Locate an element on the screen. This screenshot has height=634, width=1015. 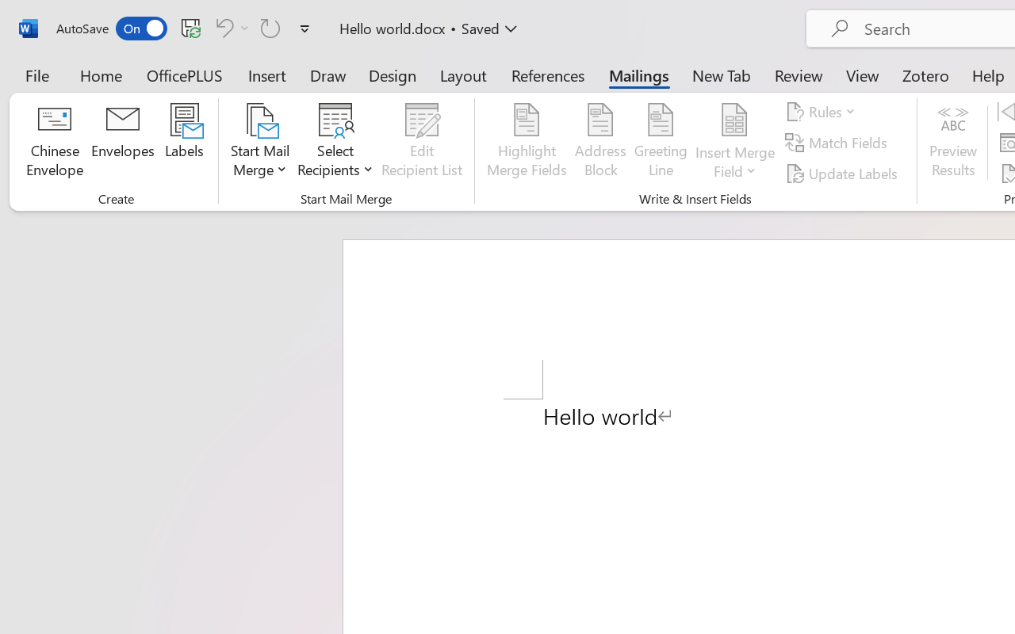
'Home' is located at coordinates (101, 74).